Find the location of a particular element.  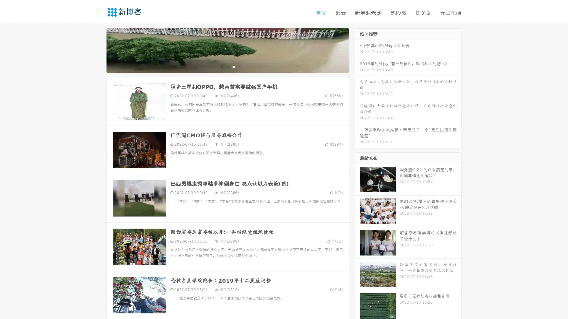

Go to slide 2 is located at coordinates (227, 66).